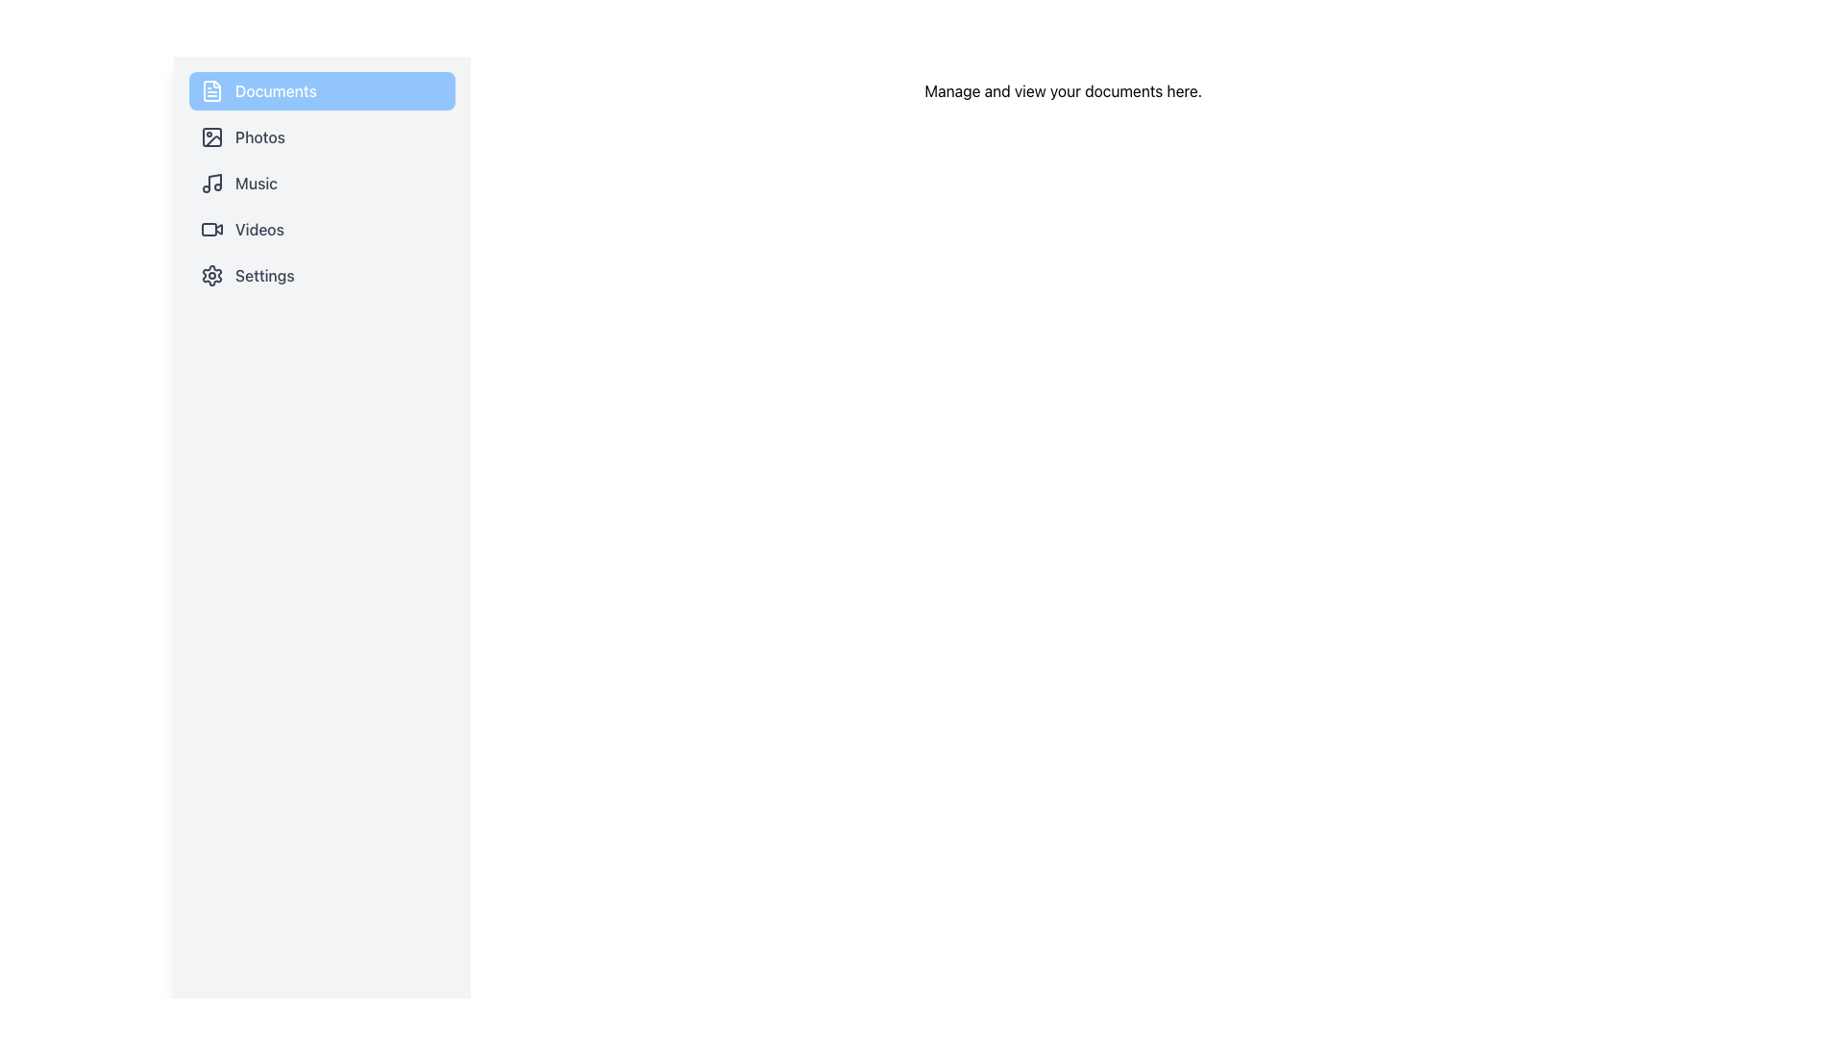 This screenshot has width=1845, height=1038. I want to click on the fifth item in the vertical menu list, located below 'Videos', so click(322, 275).